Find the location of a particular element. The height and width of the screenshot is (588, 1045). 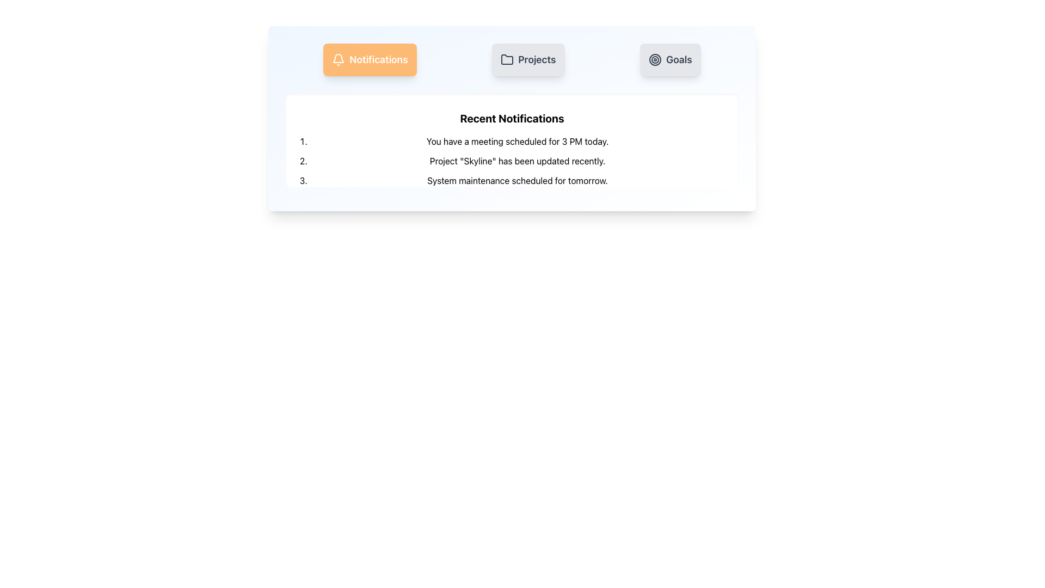

the decorative SVG circle element that is part of a target icon, located in the top-right section of the interface is located at coordinates (655, 60).